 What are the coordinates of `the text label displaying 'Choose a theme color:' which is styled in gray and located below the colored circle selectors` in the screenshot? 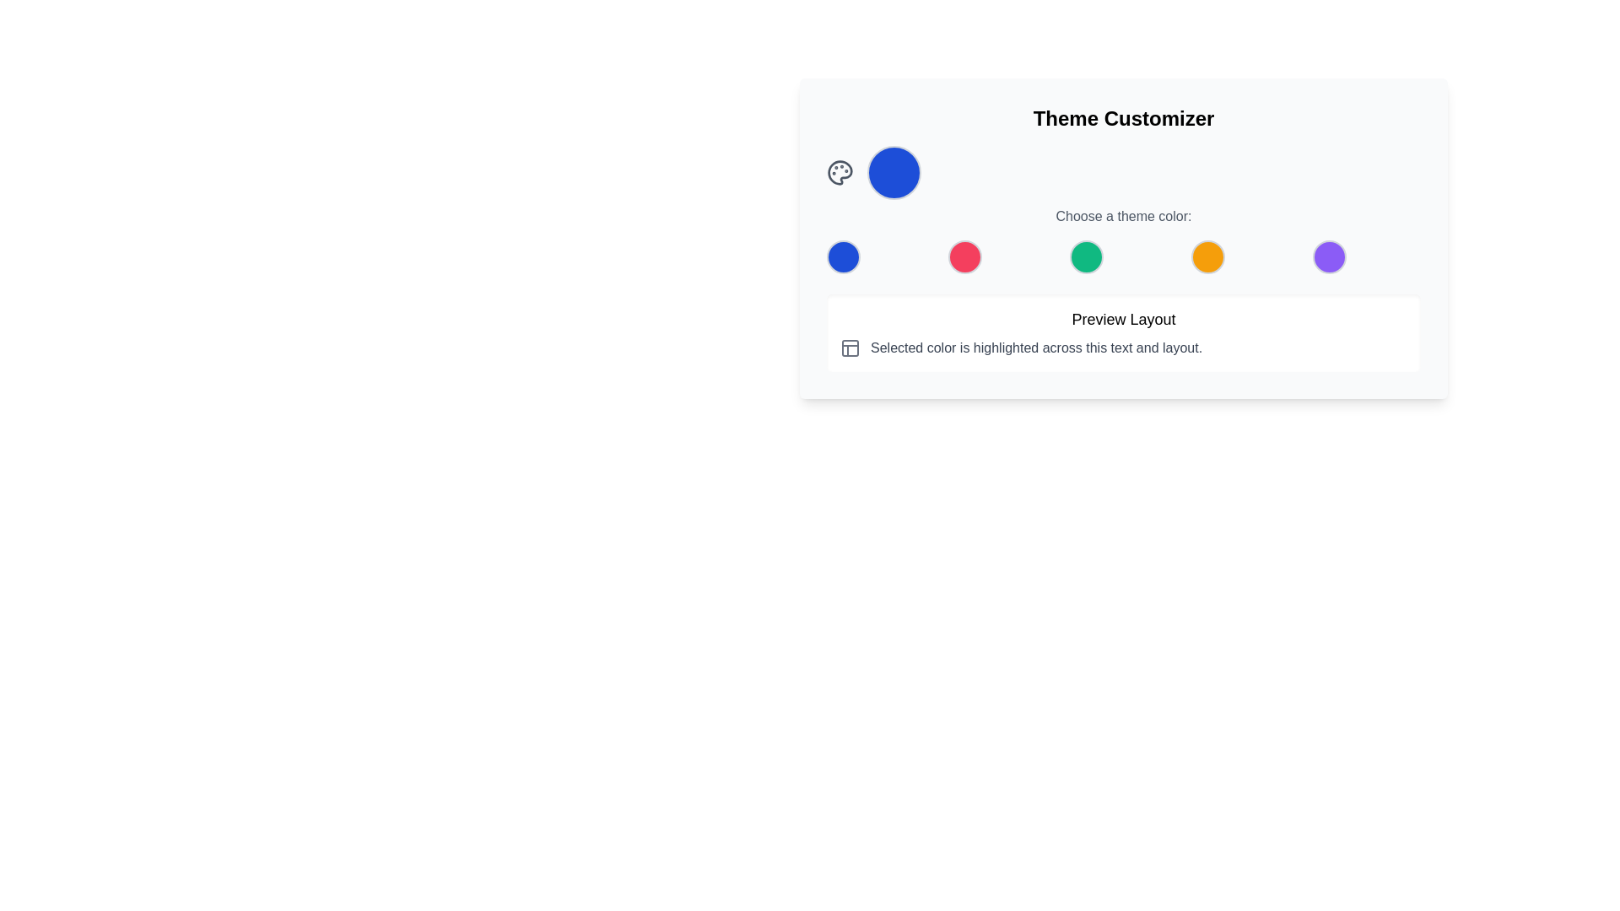 It's located at (1123, 216).